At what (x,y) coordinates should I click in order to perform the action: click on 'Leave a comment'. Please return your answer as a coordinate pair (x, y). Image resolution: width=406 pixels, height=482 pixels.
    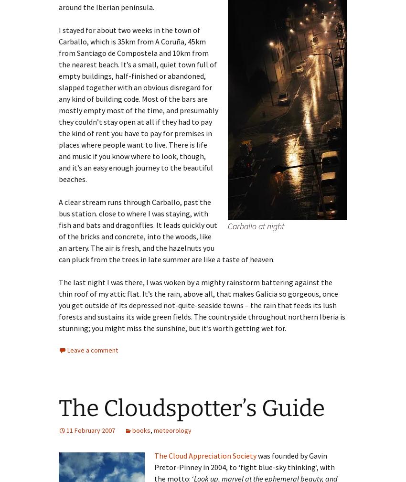
    Looking at the image, I should click on (92, 350).